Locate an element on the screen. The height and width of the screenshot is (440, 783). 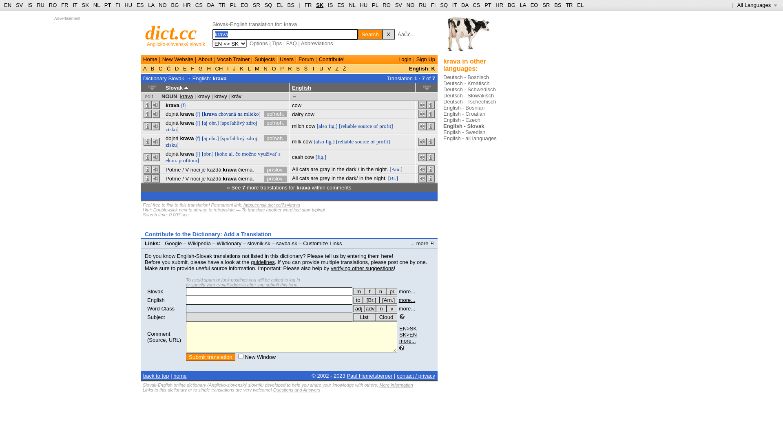
'source' is located at coordinates (362, 141).